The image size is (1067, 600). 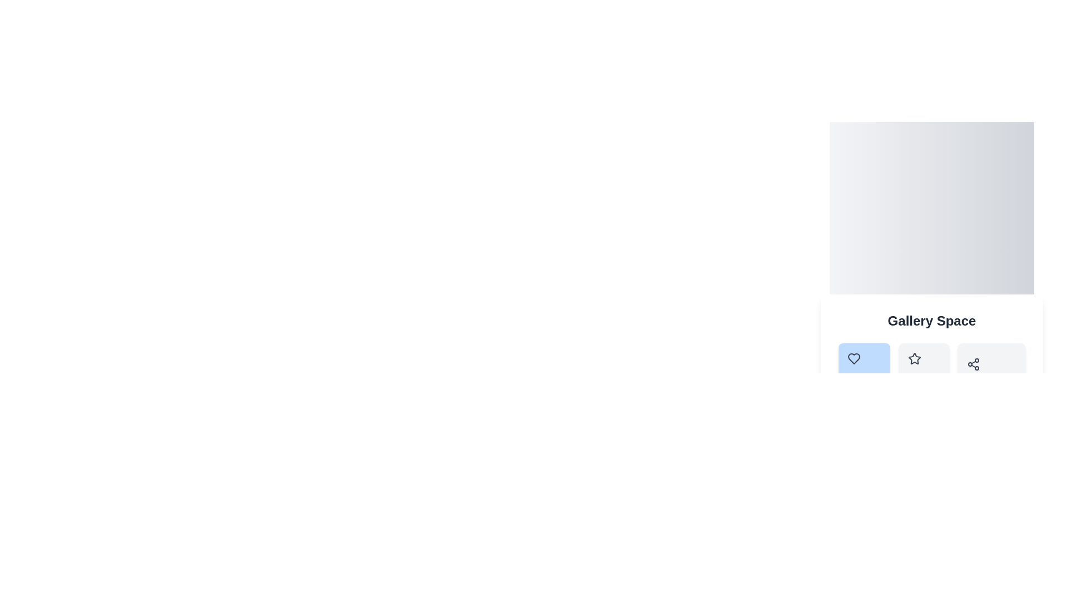 I want to click on the heart-shaped icon with a hollow center and dark outline, located below 'Gallery Space', so click(x=854, y=358).